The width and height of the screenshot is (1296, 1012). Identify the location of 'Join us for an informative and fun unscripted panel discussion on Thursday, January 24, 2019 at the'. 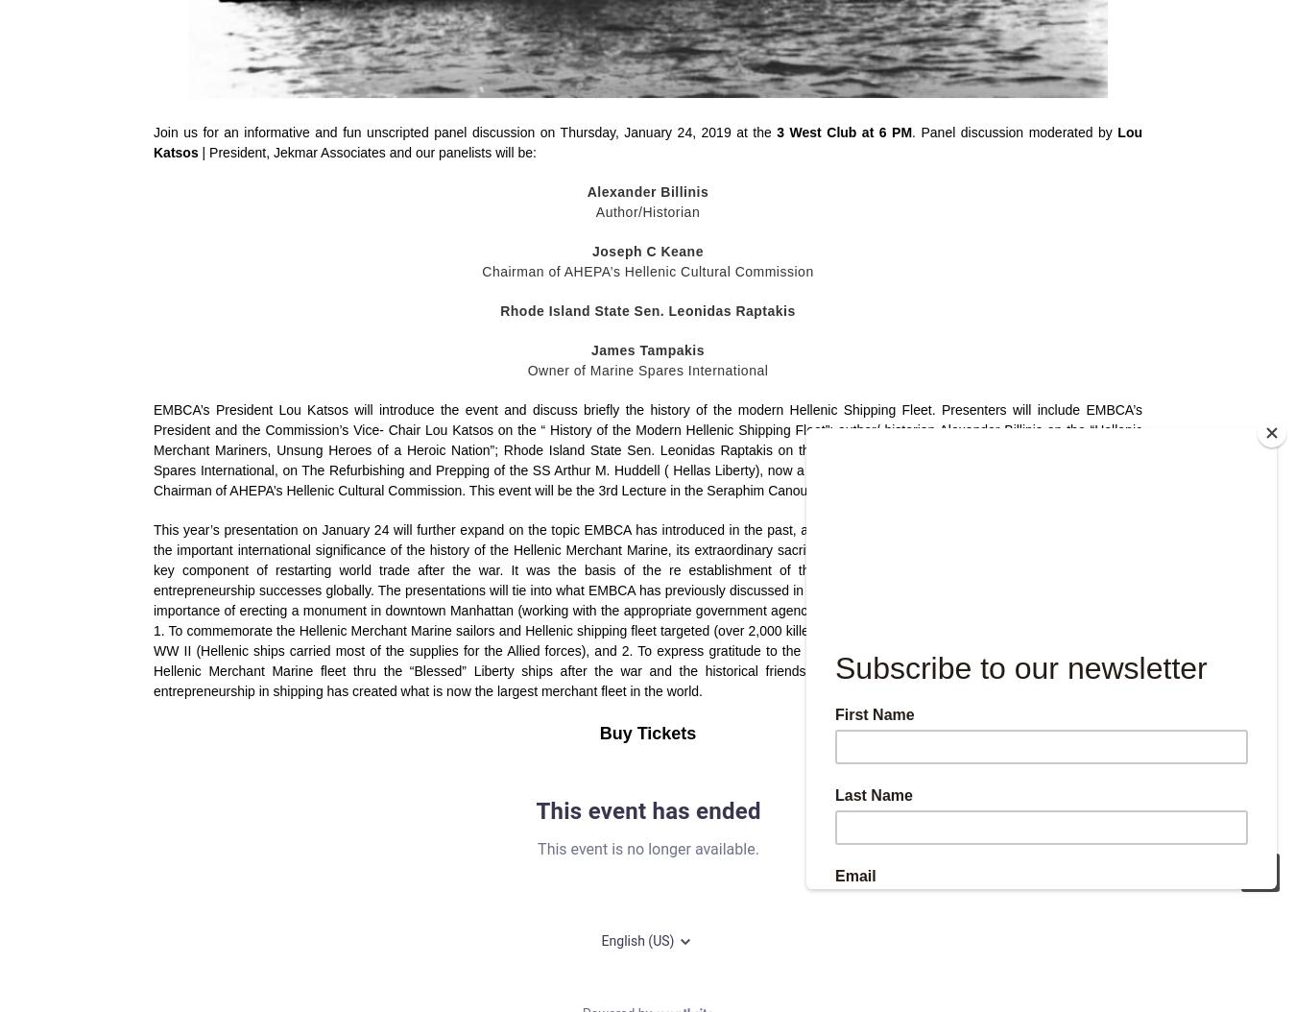
(464, 132).